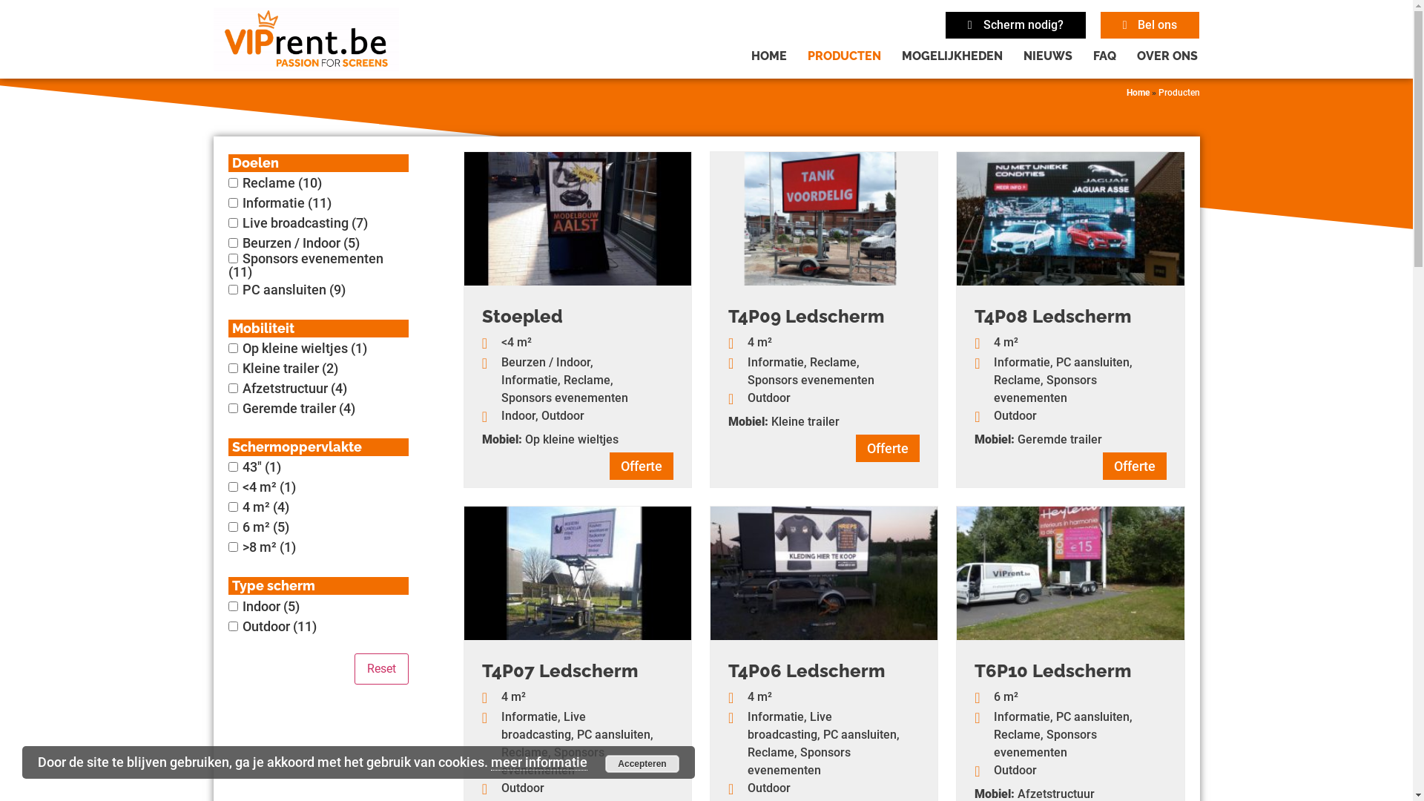 Image resolution: width=1424 pixels, height=801 pixels. I want to click on 'MOGELIJKHEDEN', so click(952, 56).